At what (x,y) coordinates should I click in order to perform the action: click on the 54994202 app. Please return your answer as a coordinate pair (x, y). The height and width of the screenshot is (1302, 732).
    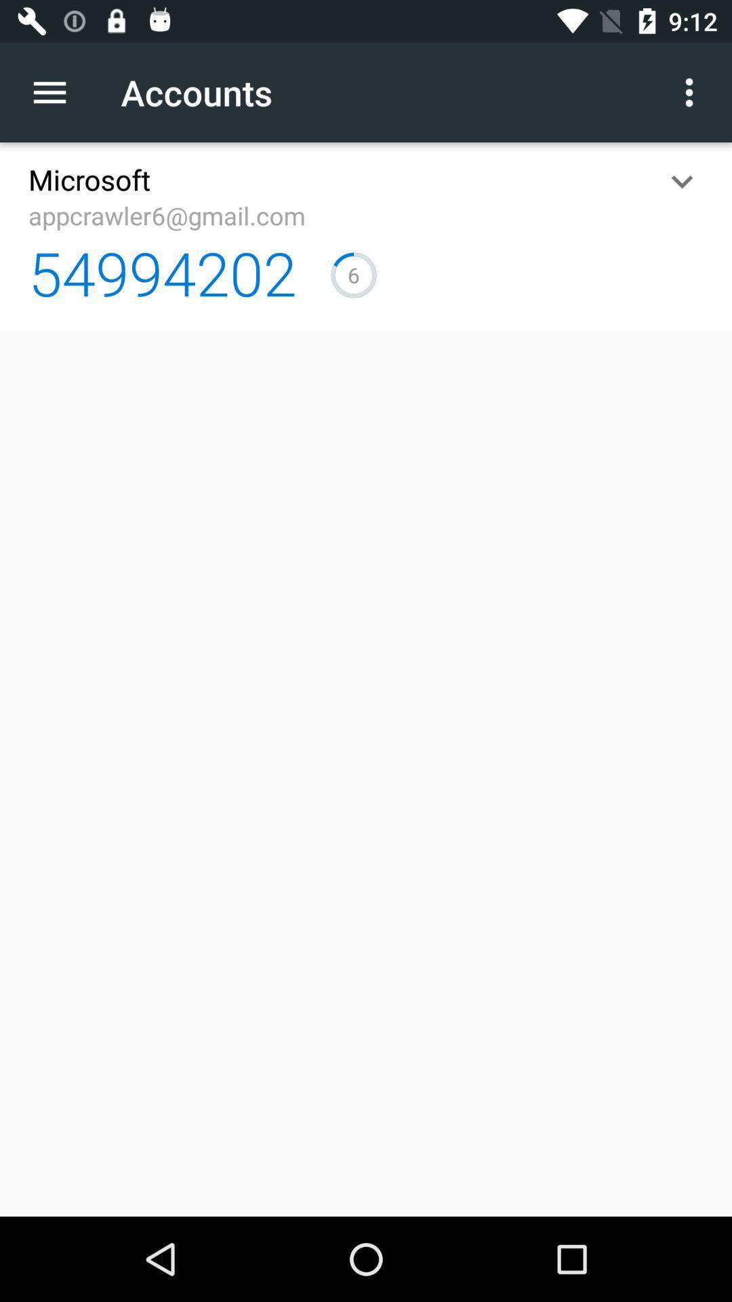
    Looking at the image, I should click on (161, 272).